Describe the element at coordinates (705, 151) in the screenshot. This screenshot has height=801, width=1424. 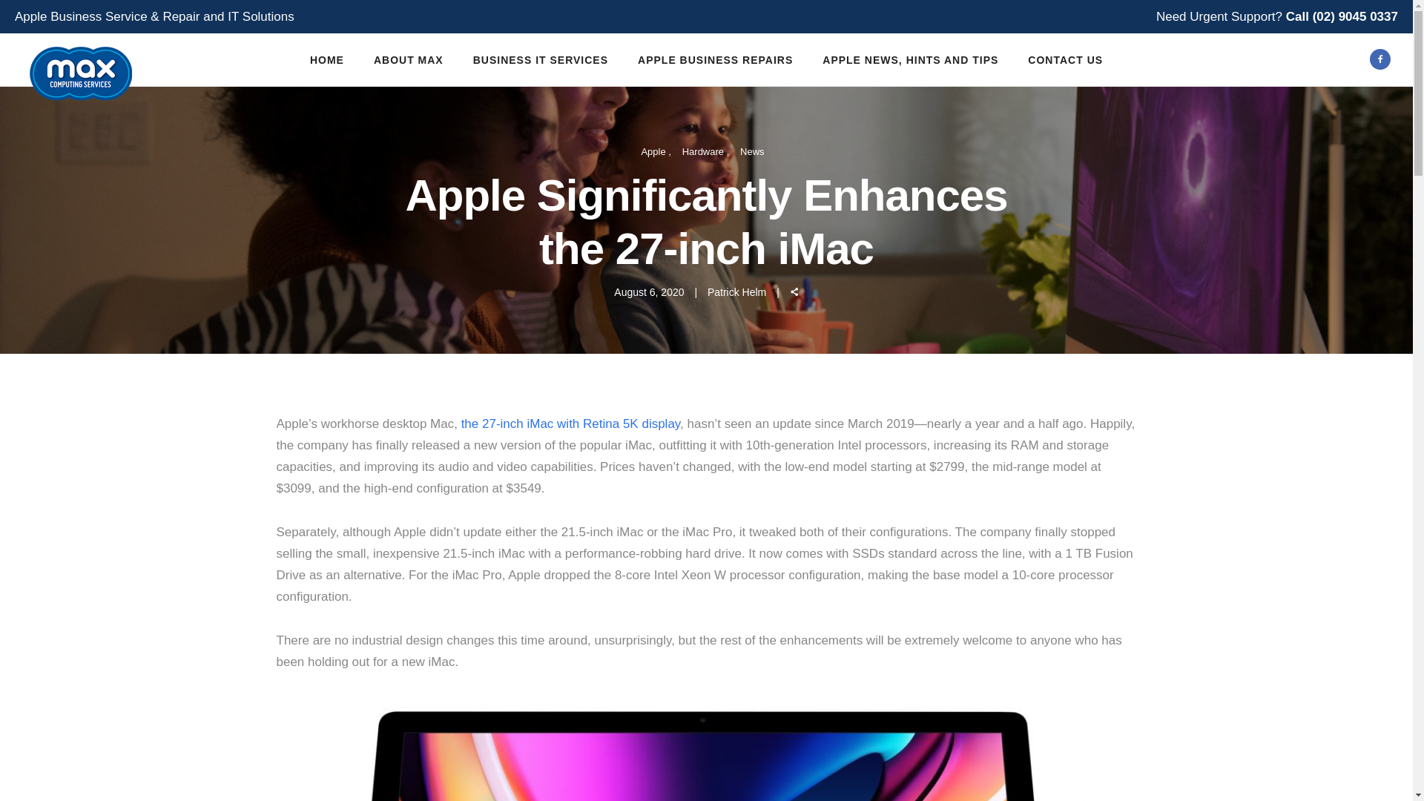
I see `'Hardware'` at that location.